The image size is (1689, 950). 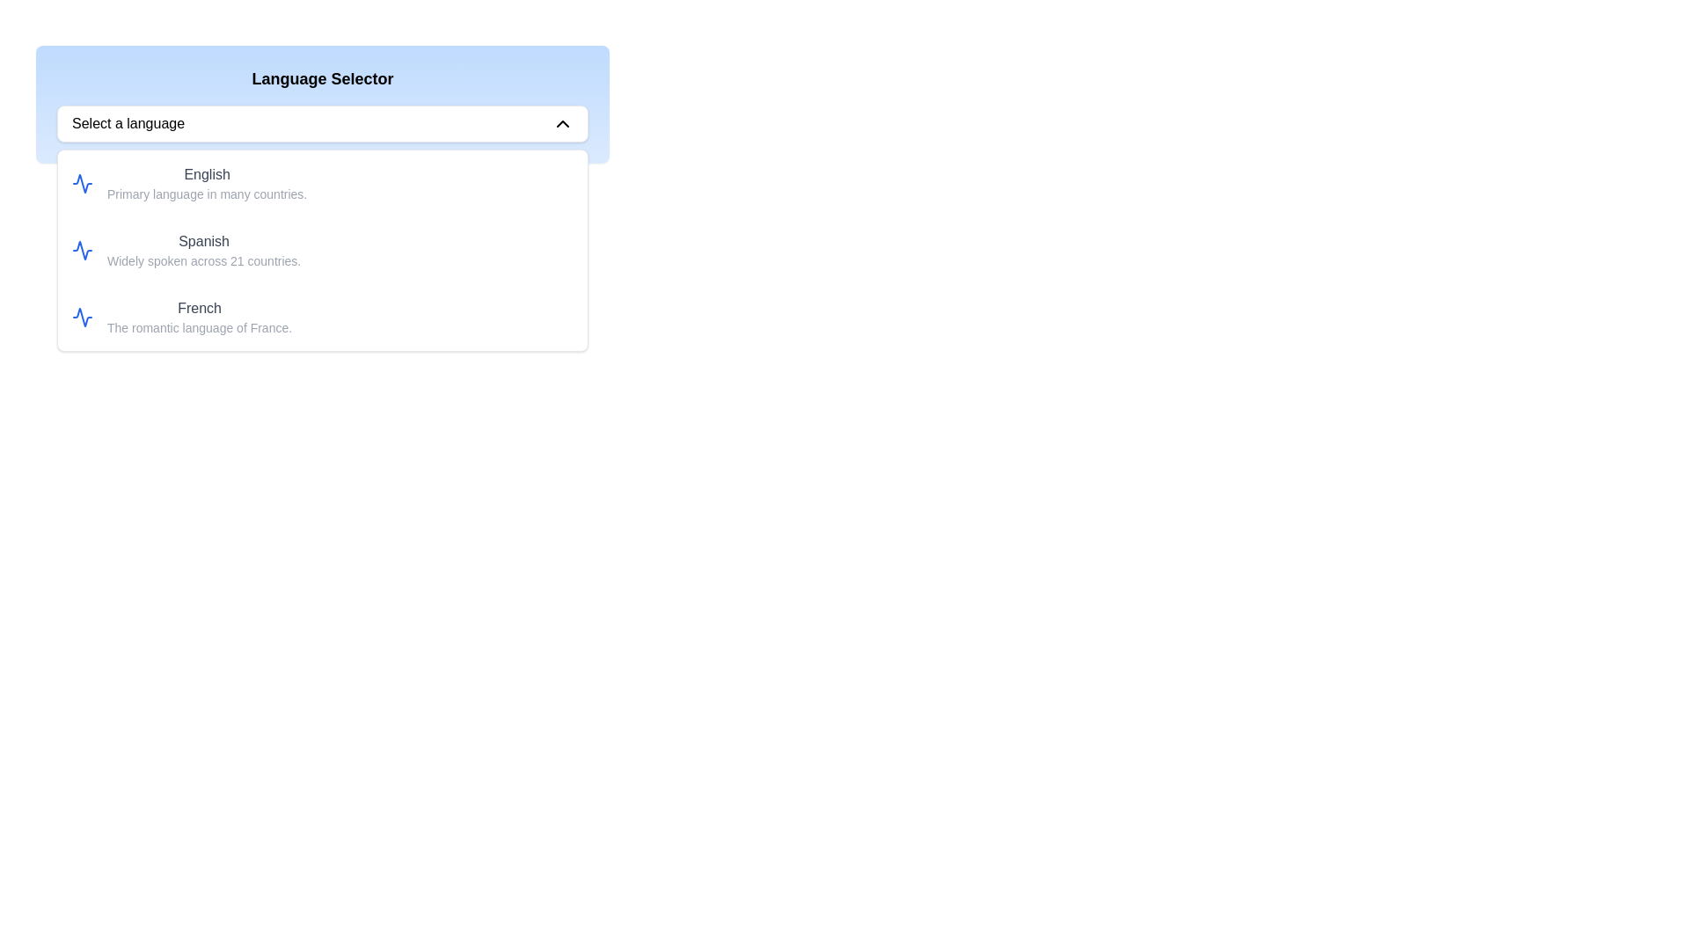 What do you see at coordinates (322, 318) in the screenshot?
I see `the third item in the dropdown menu` at bounding box center [322, 318].